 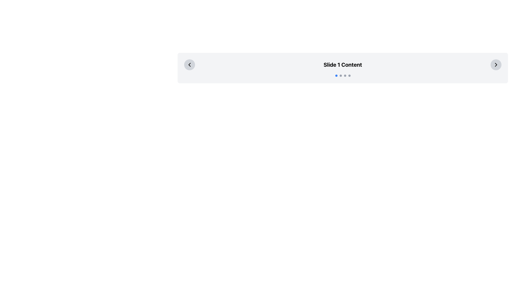 What do you see at coordinates (342, 75) in the screenshot?
I see `the pagination indicator dot located at the lower center of the interface, which represents the currently active slide` at bounding box center [342, 75].